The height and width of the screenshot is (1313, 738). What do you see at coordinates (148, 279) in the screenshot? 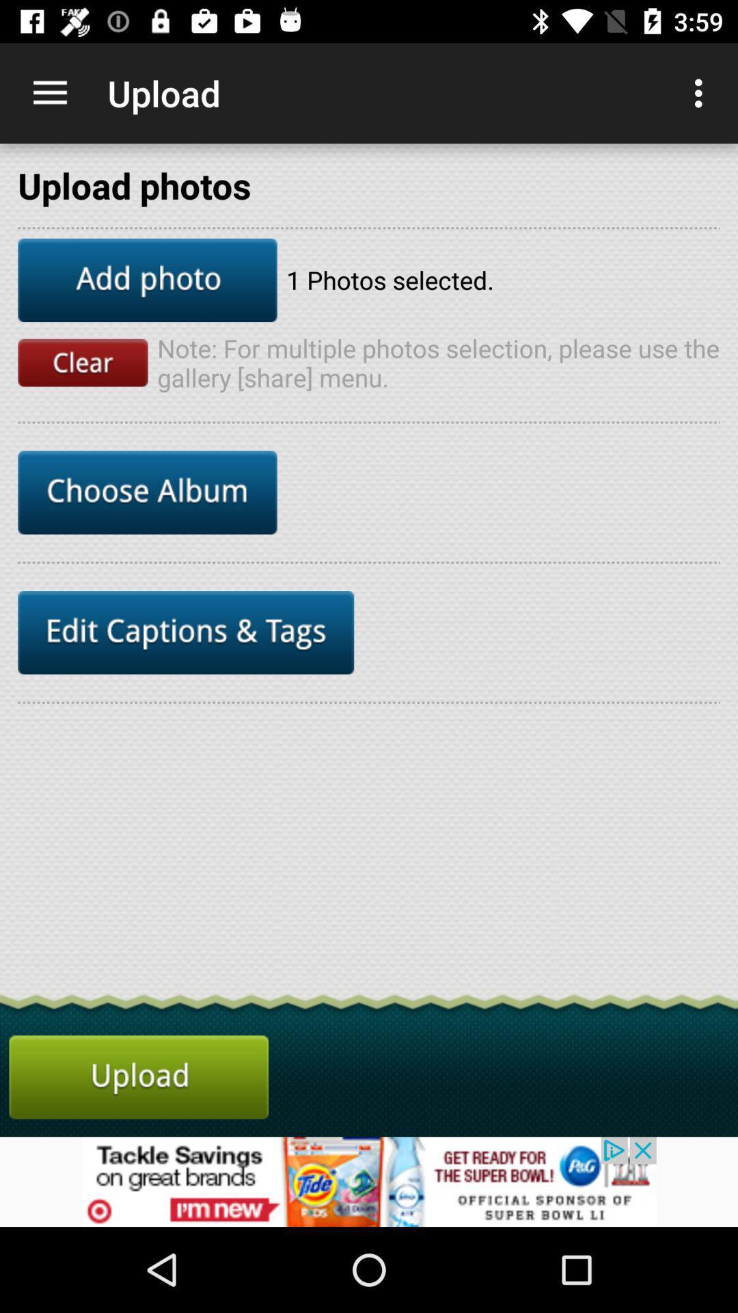
I see `add photo` at bounding box center [148, 279].